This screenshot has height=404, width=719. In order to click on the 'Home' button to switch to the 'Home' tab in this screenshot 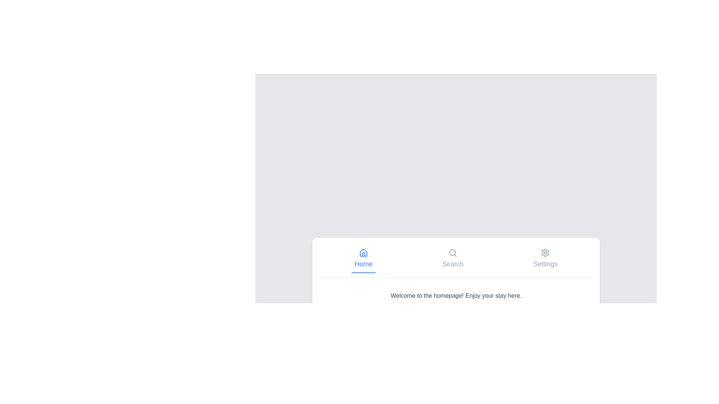, I will do `click(363, 258)`.